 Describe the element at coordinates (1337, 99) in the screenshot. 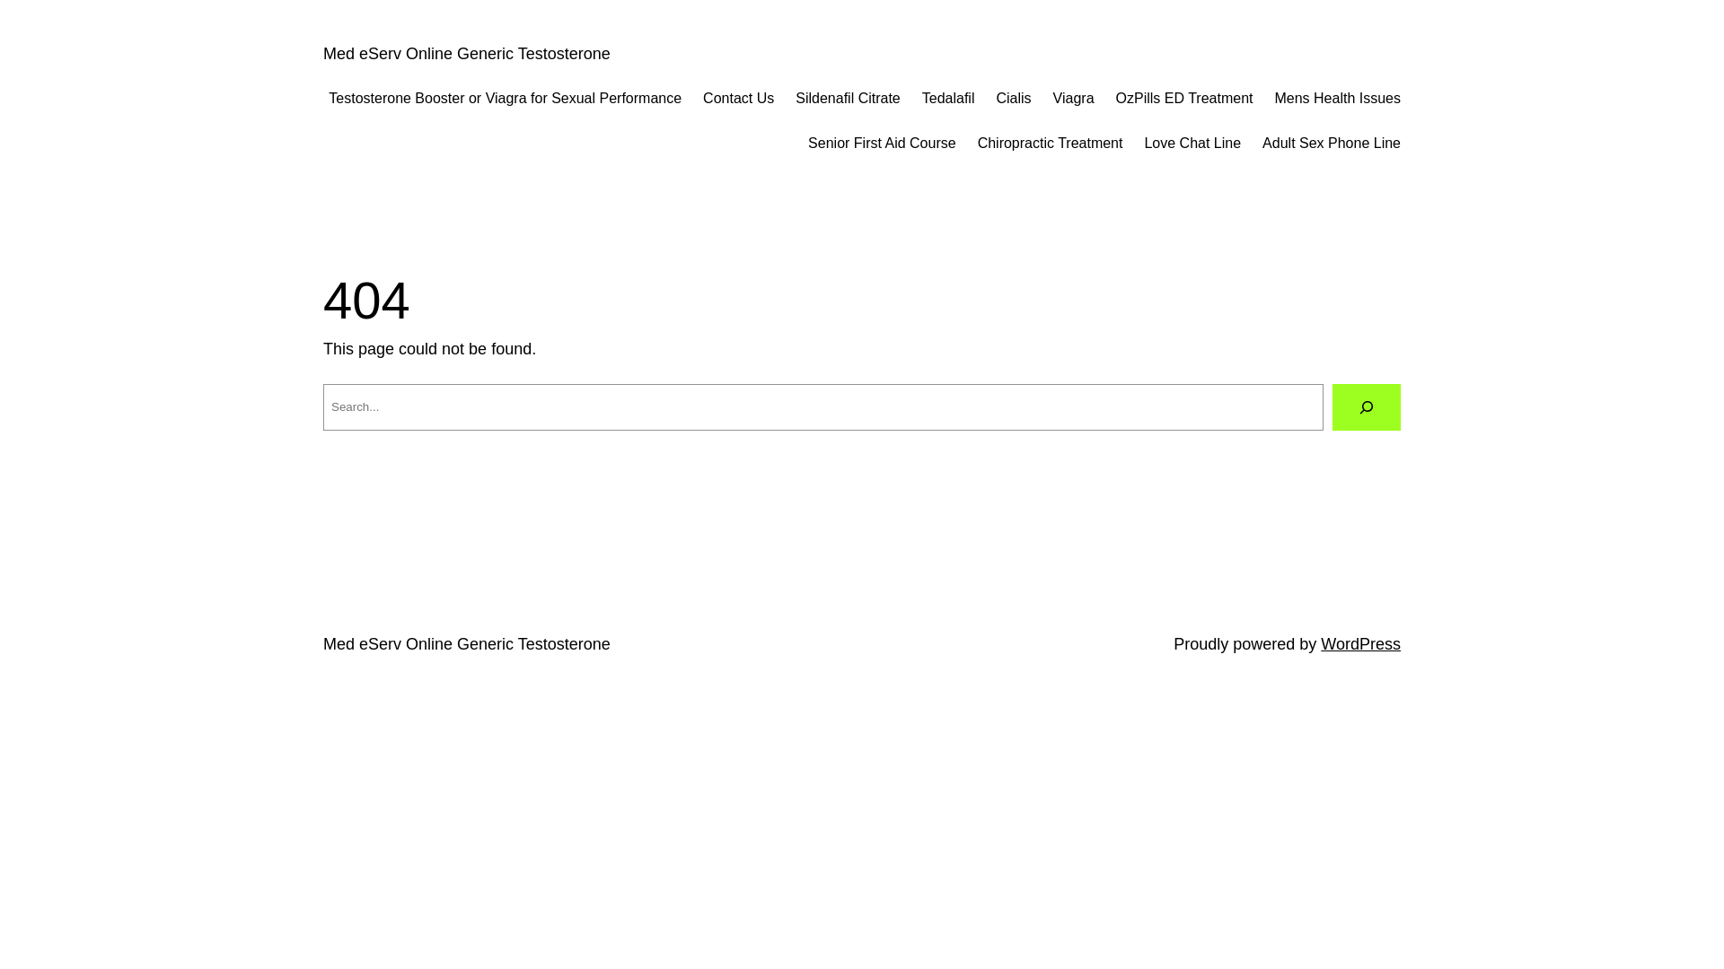

I see `'Mens Health Issues'` at that location.